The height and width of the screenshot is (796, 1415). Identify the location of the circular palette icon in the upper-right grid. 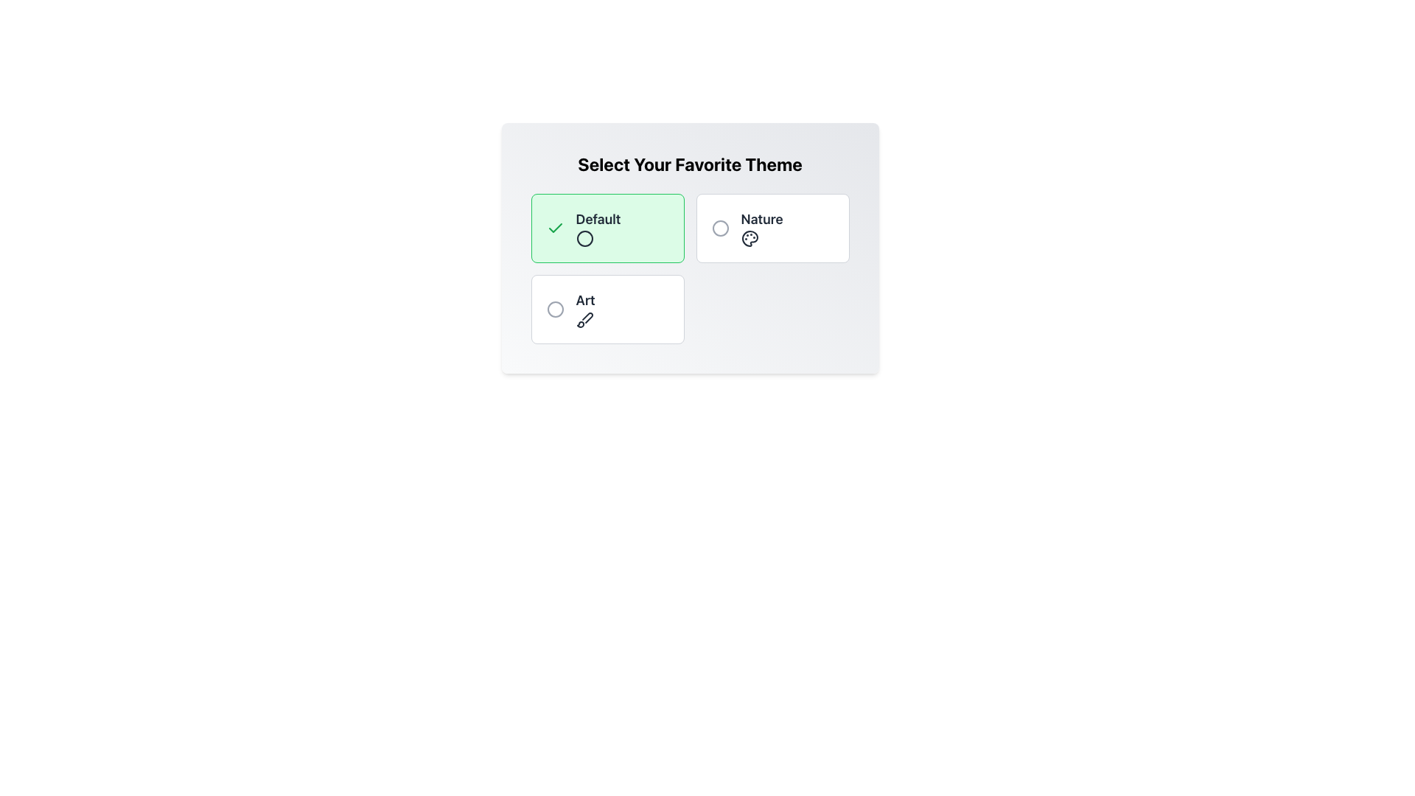
(750, 238).